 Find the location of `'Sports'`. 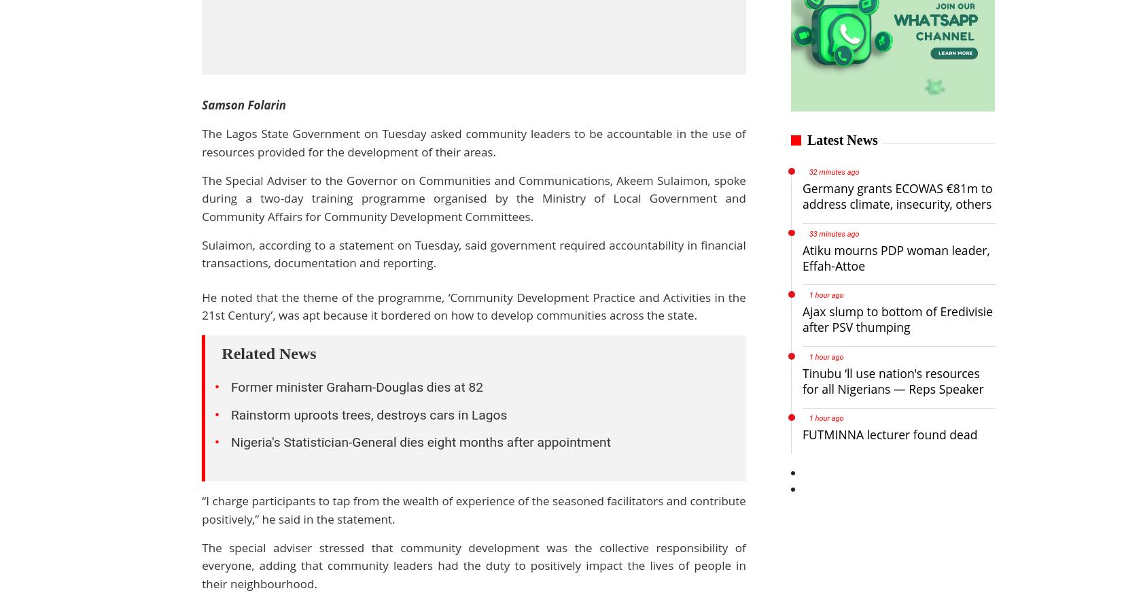

'Sports' is located at coordinates (144, 532).